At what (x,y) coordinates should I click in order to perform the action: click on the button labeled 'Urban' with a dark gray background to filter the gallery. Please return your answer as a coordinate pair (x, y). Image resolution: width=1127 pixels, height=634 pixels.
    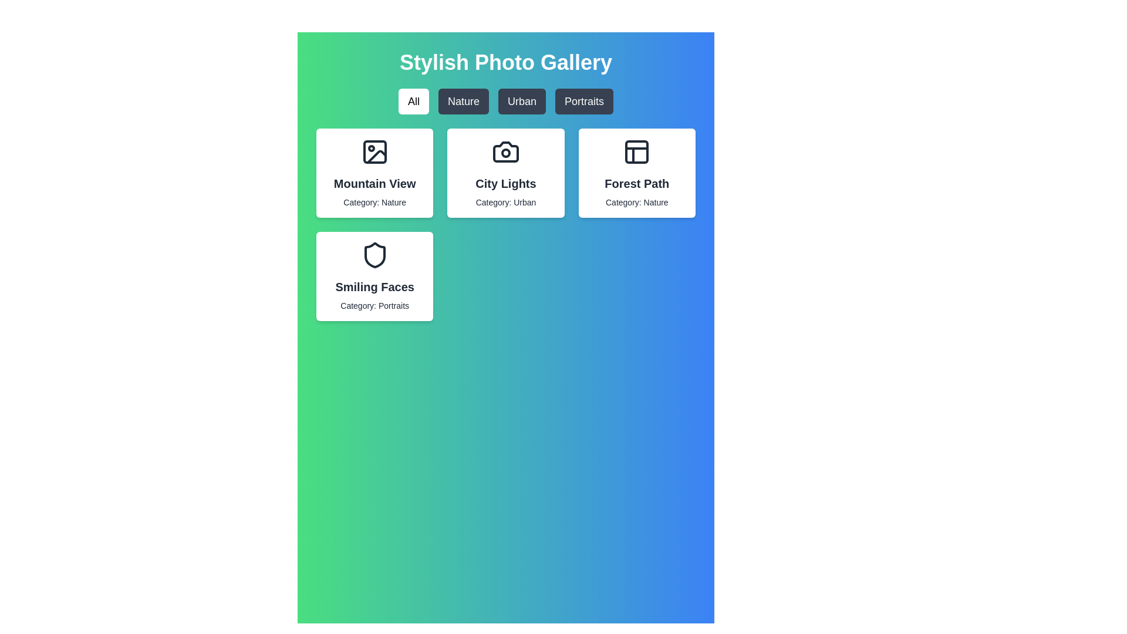
    Looking at the image, I should click on (521, 101).